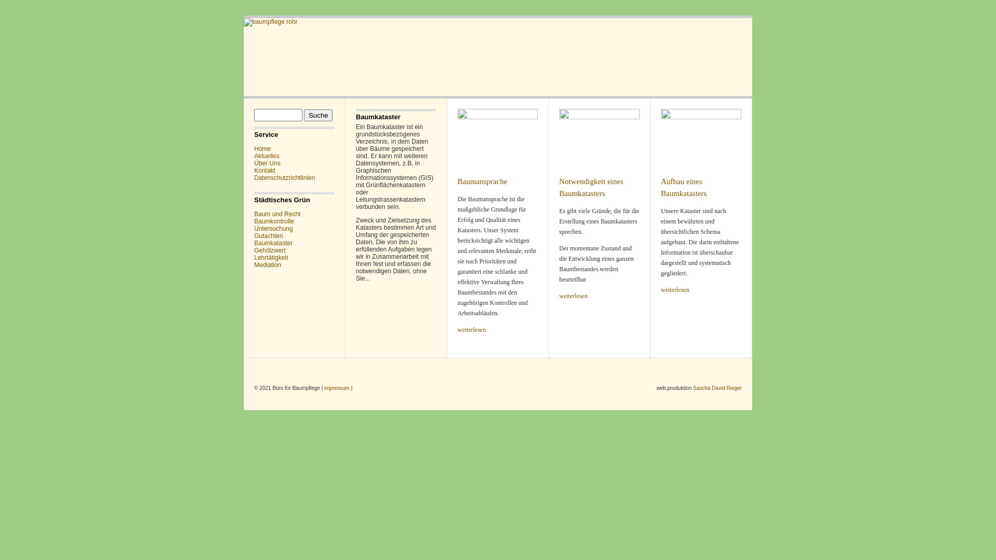 The height and width of the screenshot is (560, 996). I want to click on 'Baumkontrolle', so click(274, 221).